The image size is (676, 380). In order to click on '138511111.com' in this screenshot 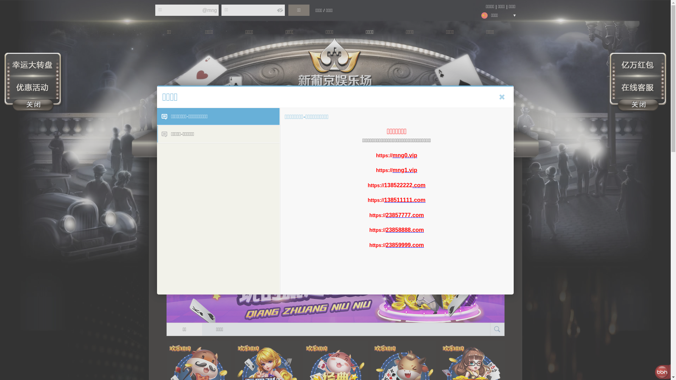, I will do `click(405, 200)`.